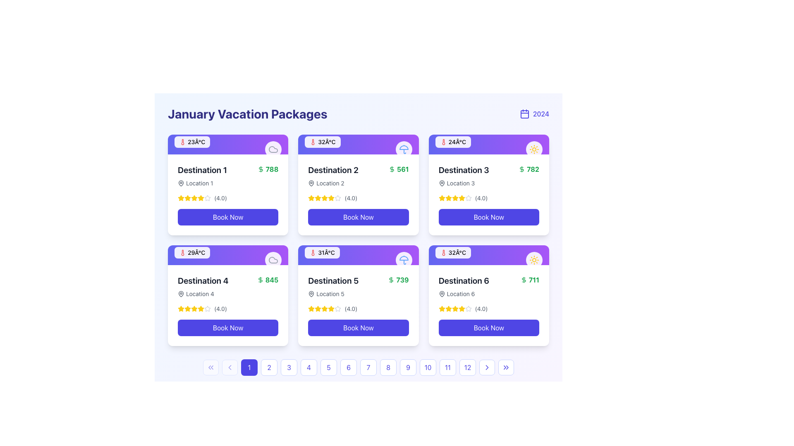 This screenshot has height=446, width=794. I want to click on the 'Book Now' button, which is a rectangular button with a purple background and white text, located at the bottom part of the third card in the top row of a grid displaying vacation packages, so click(489, 216).